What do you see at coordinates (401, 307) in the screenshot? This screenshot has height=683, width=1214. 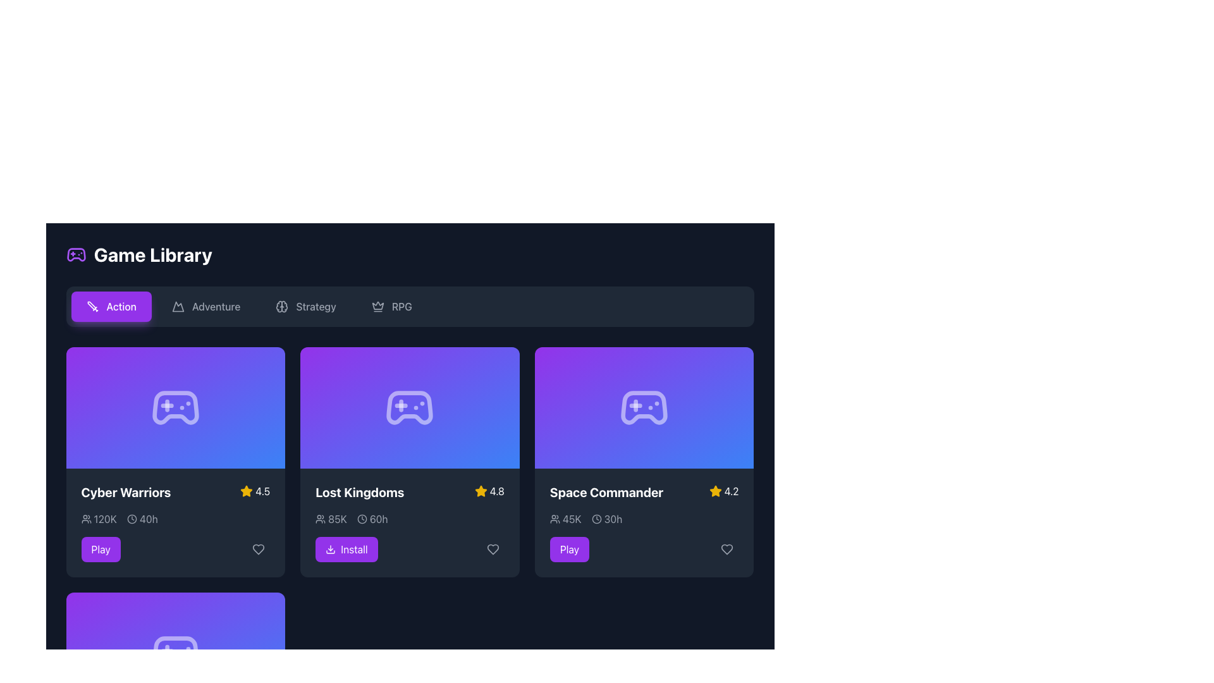 I see `the 'RPG' text label, which is styled in a medium-weight font and displayed in light gray against a dark gray background, located at the top of the interface as the last item in the category selector bar` at bounding box center [401, 307].